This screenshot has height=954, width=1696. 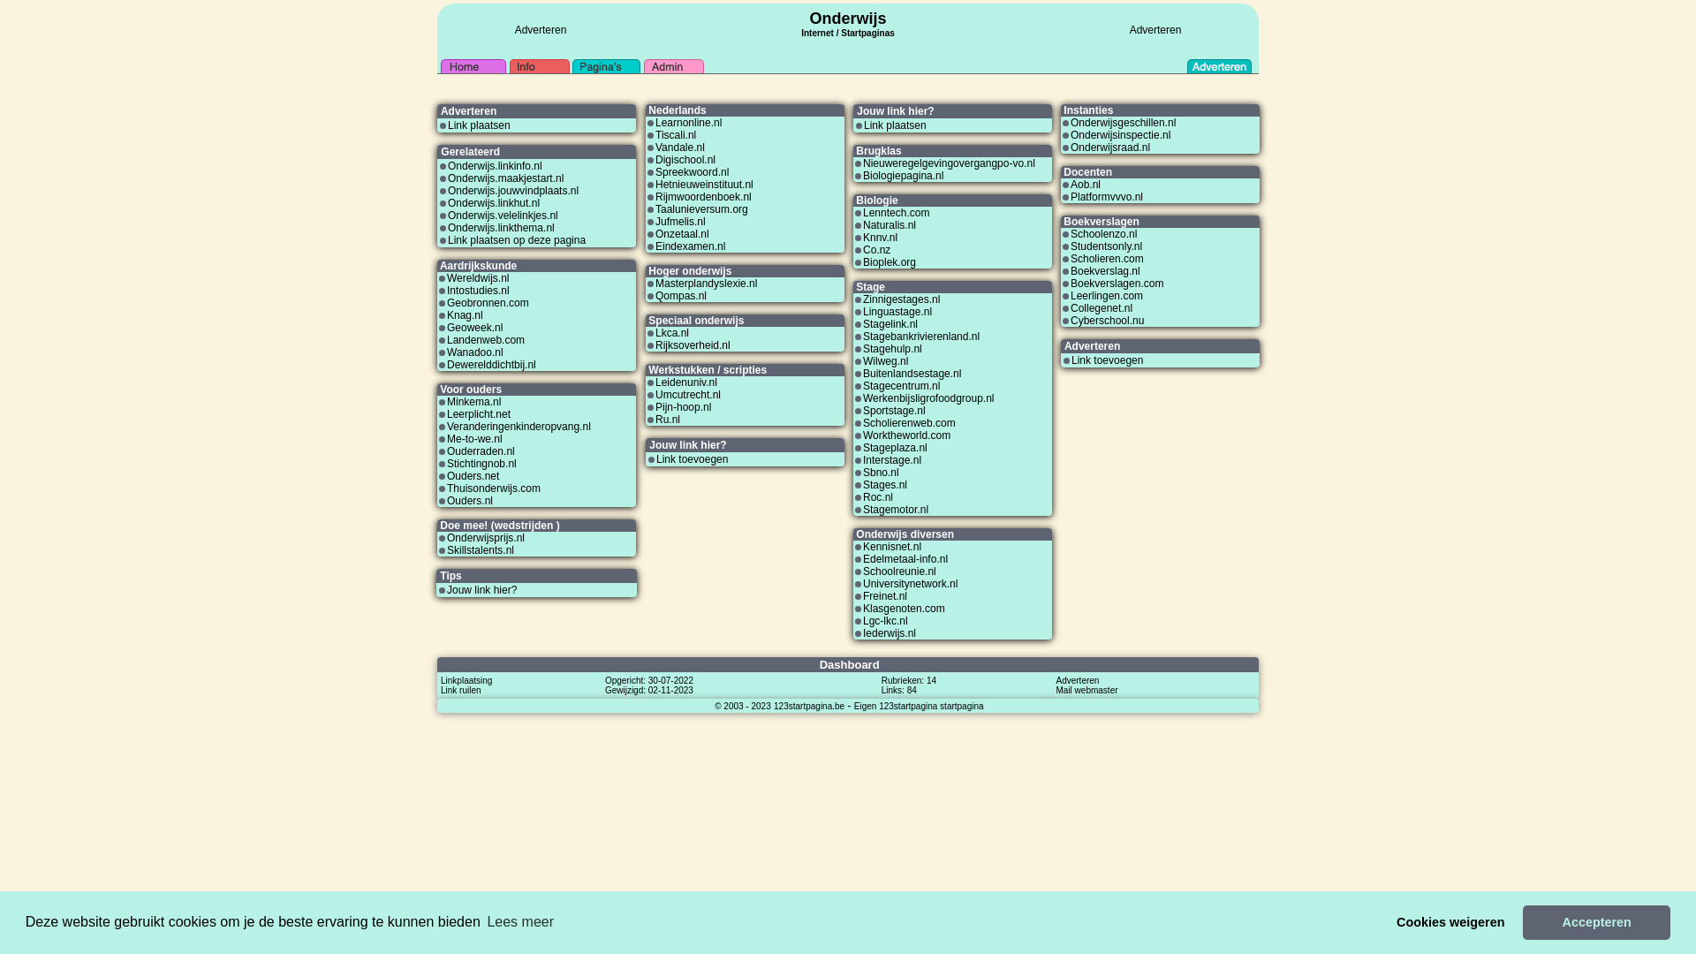 I want to click on 'Stagebankrivierenland.nl', so click(x=920, y=337).